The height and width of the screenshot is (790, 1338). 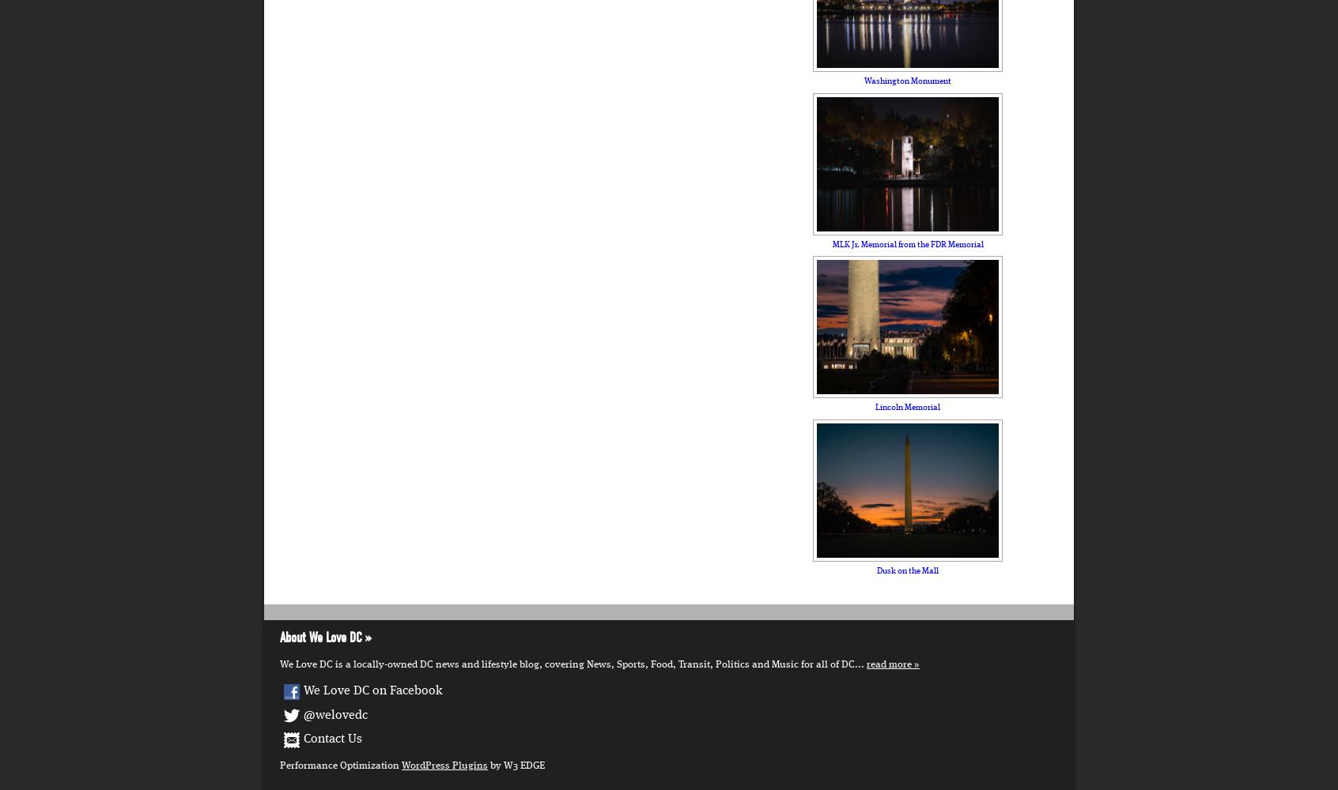 I want to click on 'by W3 EDGE', so click(x=487, y=764).